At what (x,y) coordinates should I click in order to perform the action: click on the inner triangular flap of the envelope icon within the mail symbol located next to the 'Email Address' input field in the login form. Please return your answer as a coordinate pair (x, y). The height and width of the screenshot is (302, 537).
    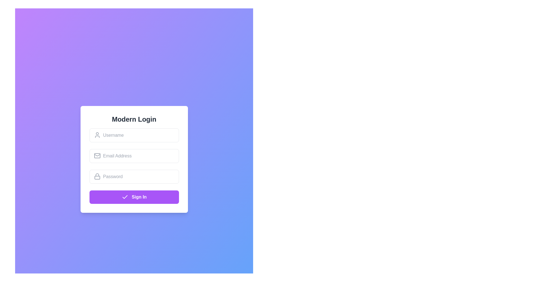
    Looking at the image, I should click on (97, 155).